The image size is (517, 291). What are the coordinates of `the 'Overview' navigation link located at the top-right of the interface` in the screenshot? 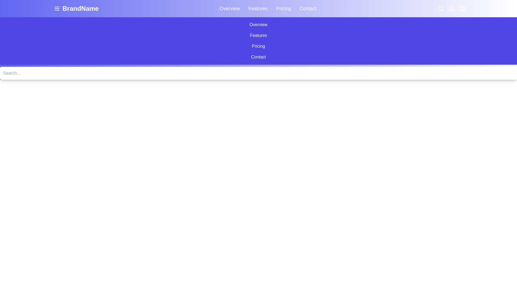 It's located at (230, 8).